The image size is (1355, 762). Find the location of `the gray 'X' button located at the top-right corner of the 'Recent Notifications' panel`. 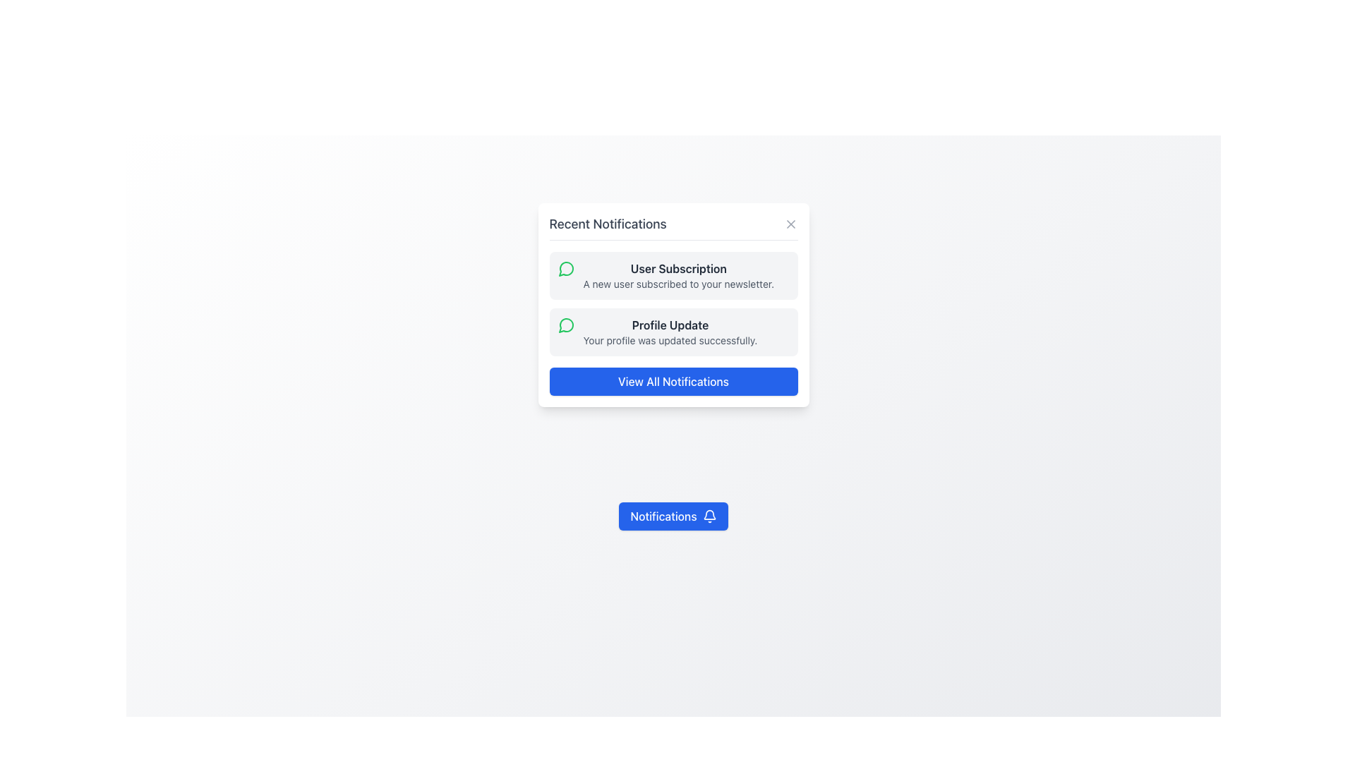

the gray 'X' button located at the top-right corner of the 'Recent Notifications' panel is located at coordinates (790, 223).